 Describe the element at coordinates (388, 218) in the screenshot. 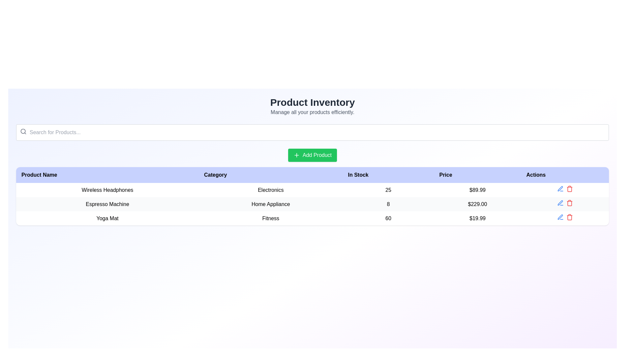

I see `the static text element that displays the quantity of 'Yoga Mat' currently in stock, located in the third row of the table under the 'In Stock' column` at that location.